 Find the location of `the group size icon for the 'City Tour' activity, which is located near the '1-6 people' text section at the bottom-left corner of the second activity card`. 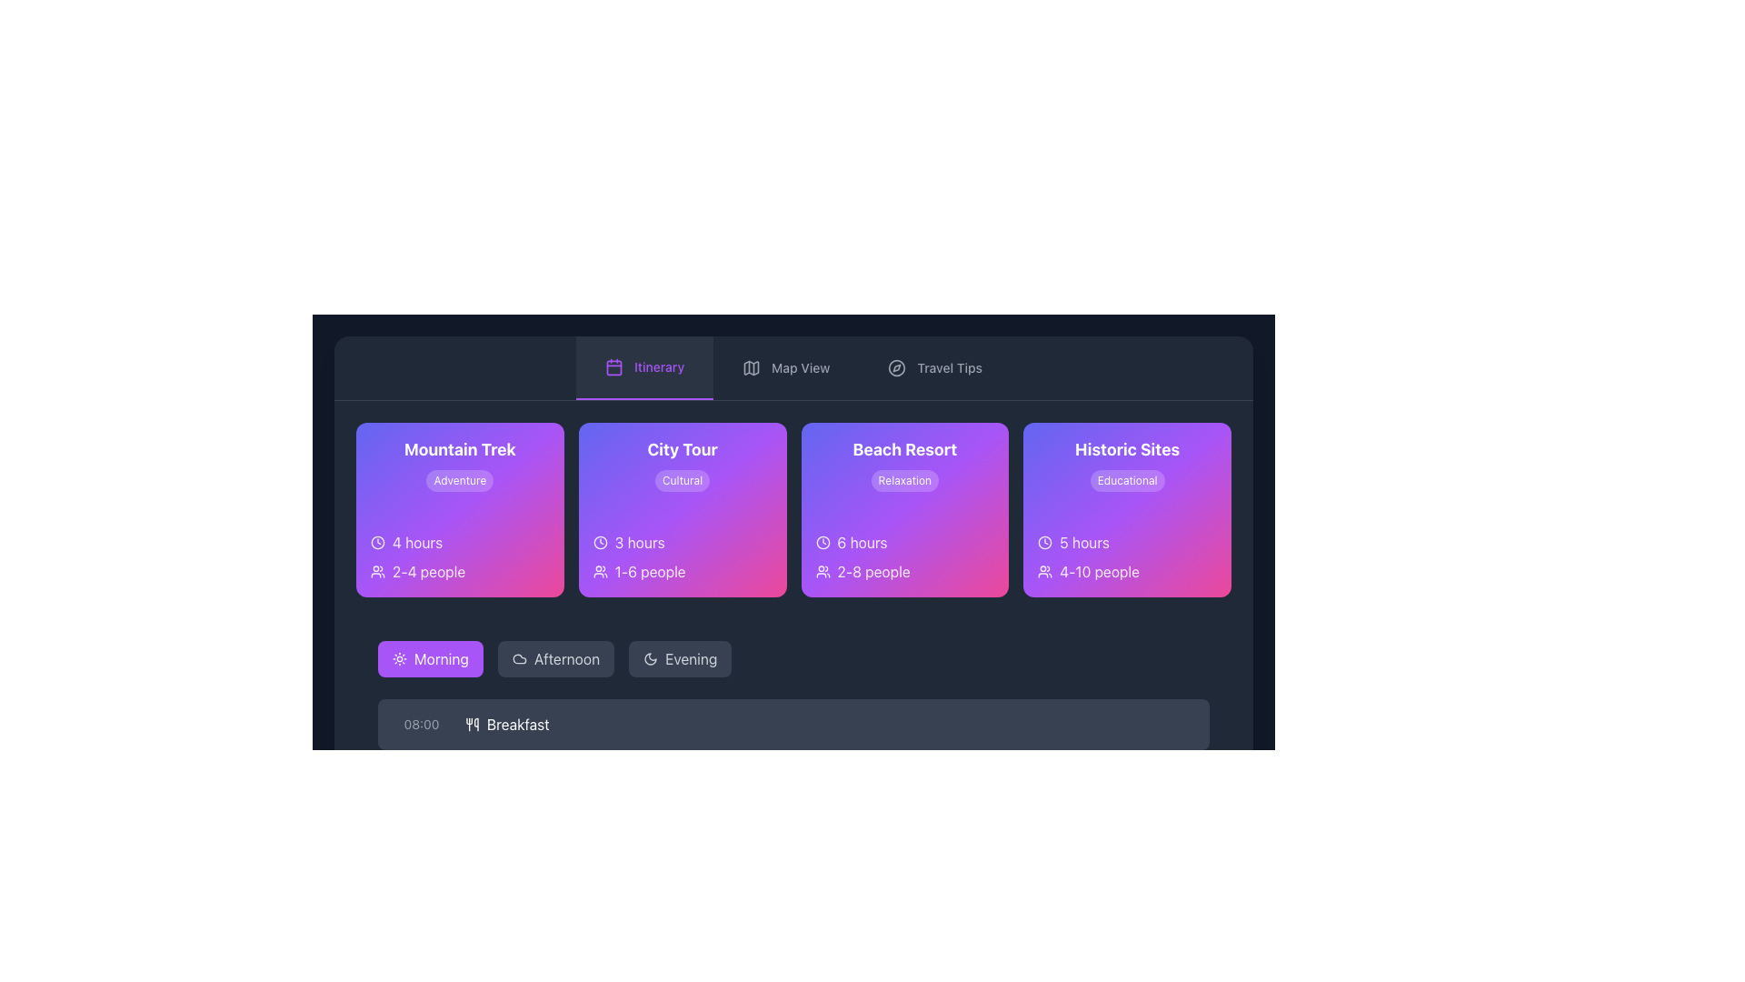

the group size icon for the 'City Tour' activity, which is located near the '1-6 people' text section at the bottom-left corner of the second activity card is located at coordinates (600, 570).